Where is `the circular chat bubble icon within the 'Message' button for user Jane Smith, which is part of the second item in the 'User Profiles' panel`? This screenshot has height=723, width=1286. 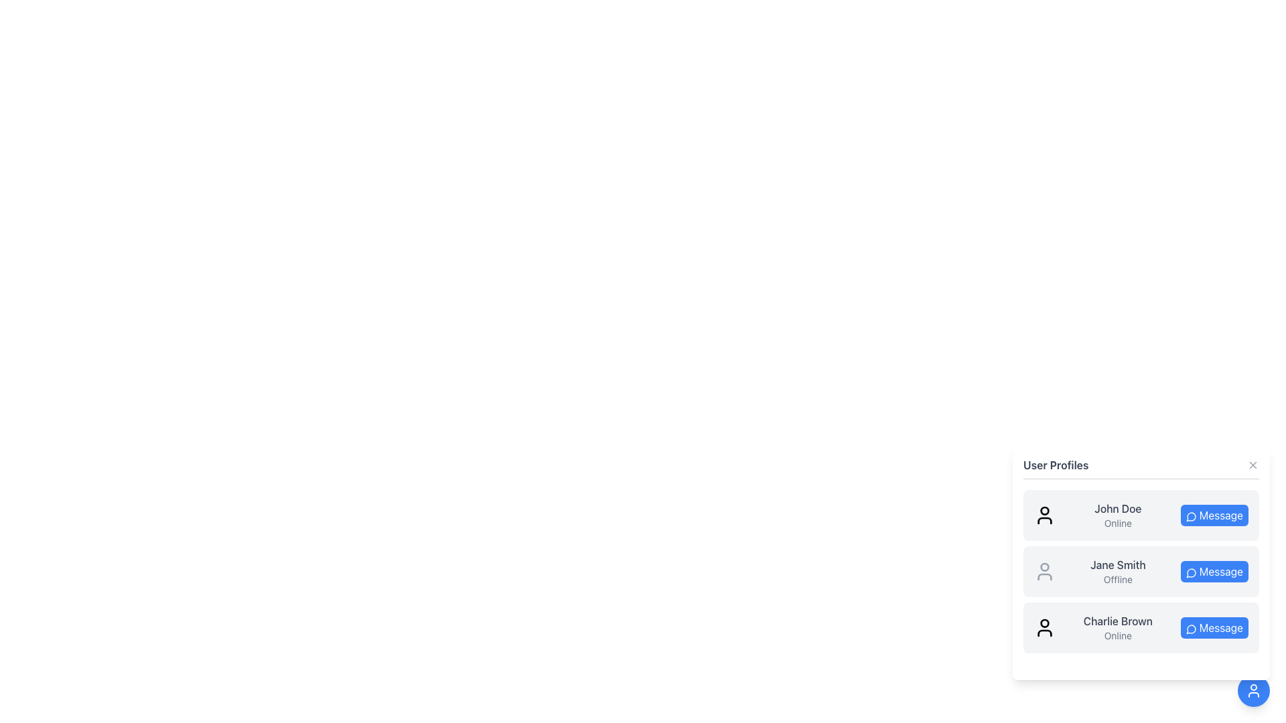 the circular chat bubble icon within the 'Message' button for user Jane Smith, which is part of the second item in the 'User Profiles' panel is located at coordinates (1191, 572).